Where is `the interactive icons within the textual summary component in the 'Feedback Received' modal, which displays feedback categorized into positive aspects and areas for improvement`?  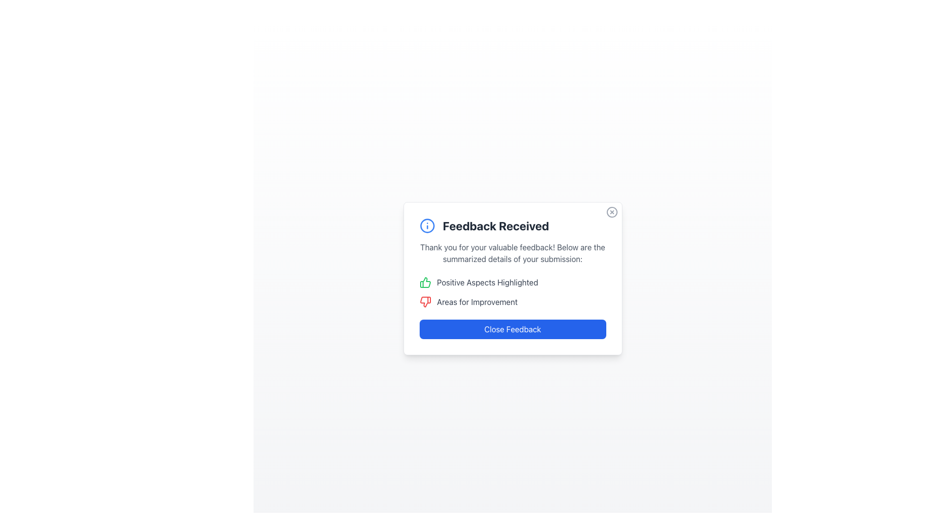
the interactive icons within the textual summary component in the 'Feedback Received' modal, which displays feedback categorized into positive aspects and areas for improvement is located at coordinates (512, 291).